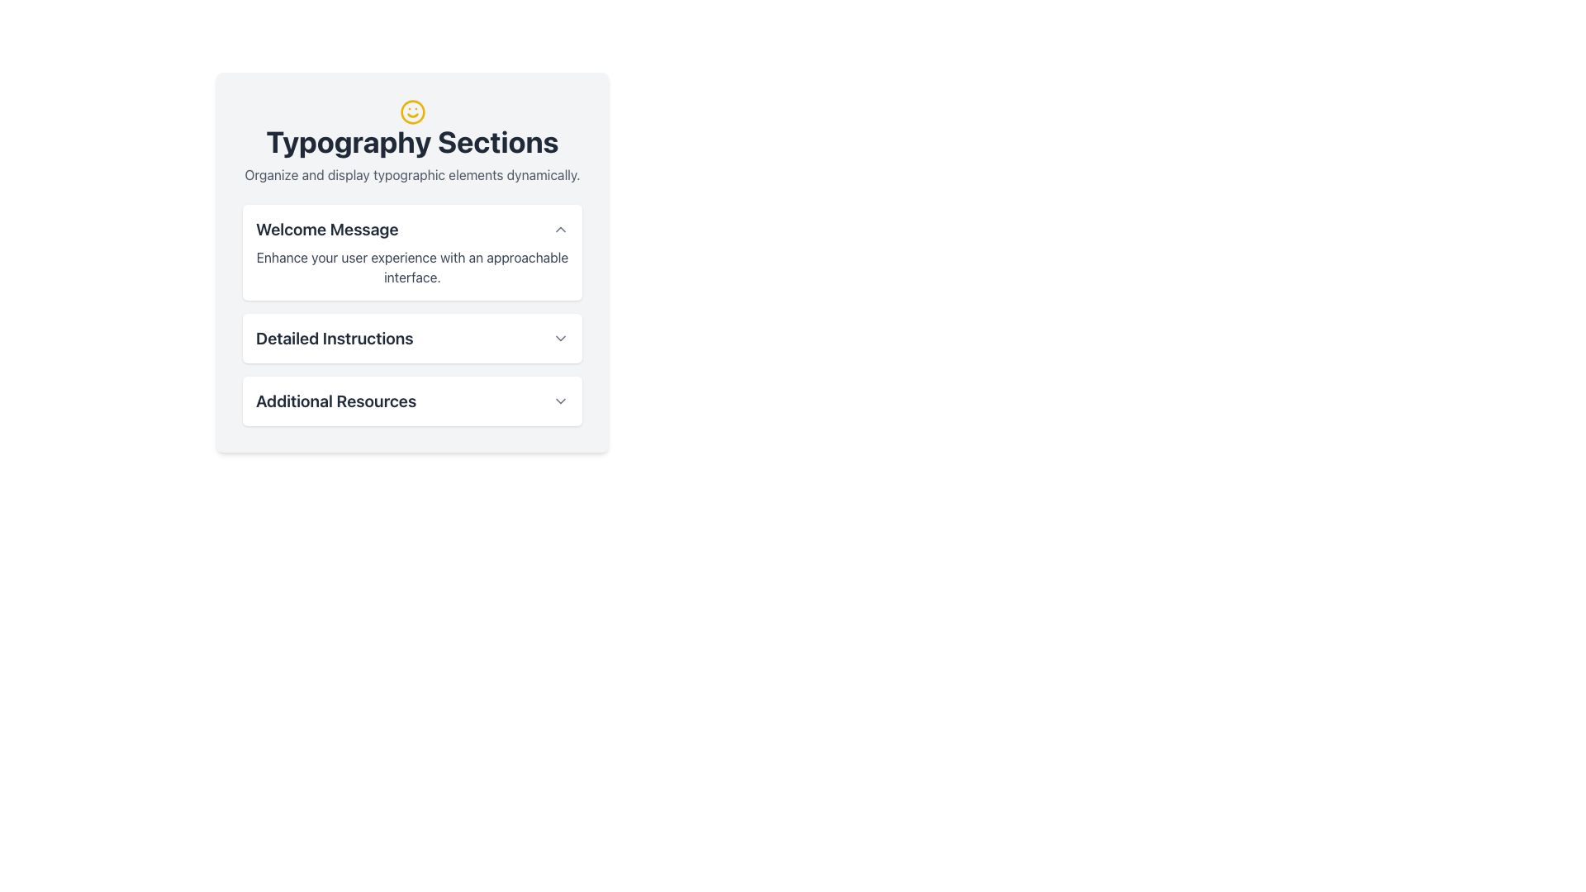 This screenshot has width=1586, height=892. Describe the element at coordinates (327, 229) in the screenshot. I see `the Text Label that serves as a descriptive title for the 'Welcome Message' section, positioned at the top of the collapsible section` at that location.